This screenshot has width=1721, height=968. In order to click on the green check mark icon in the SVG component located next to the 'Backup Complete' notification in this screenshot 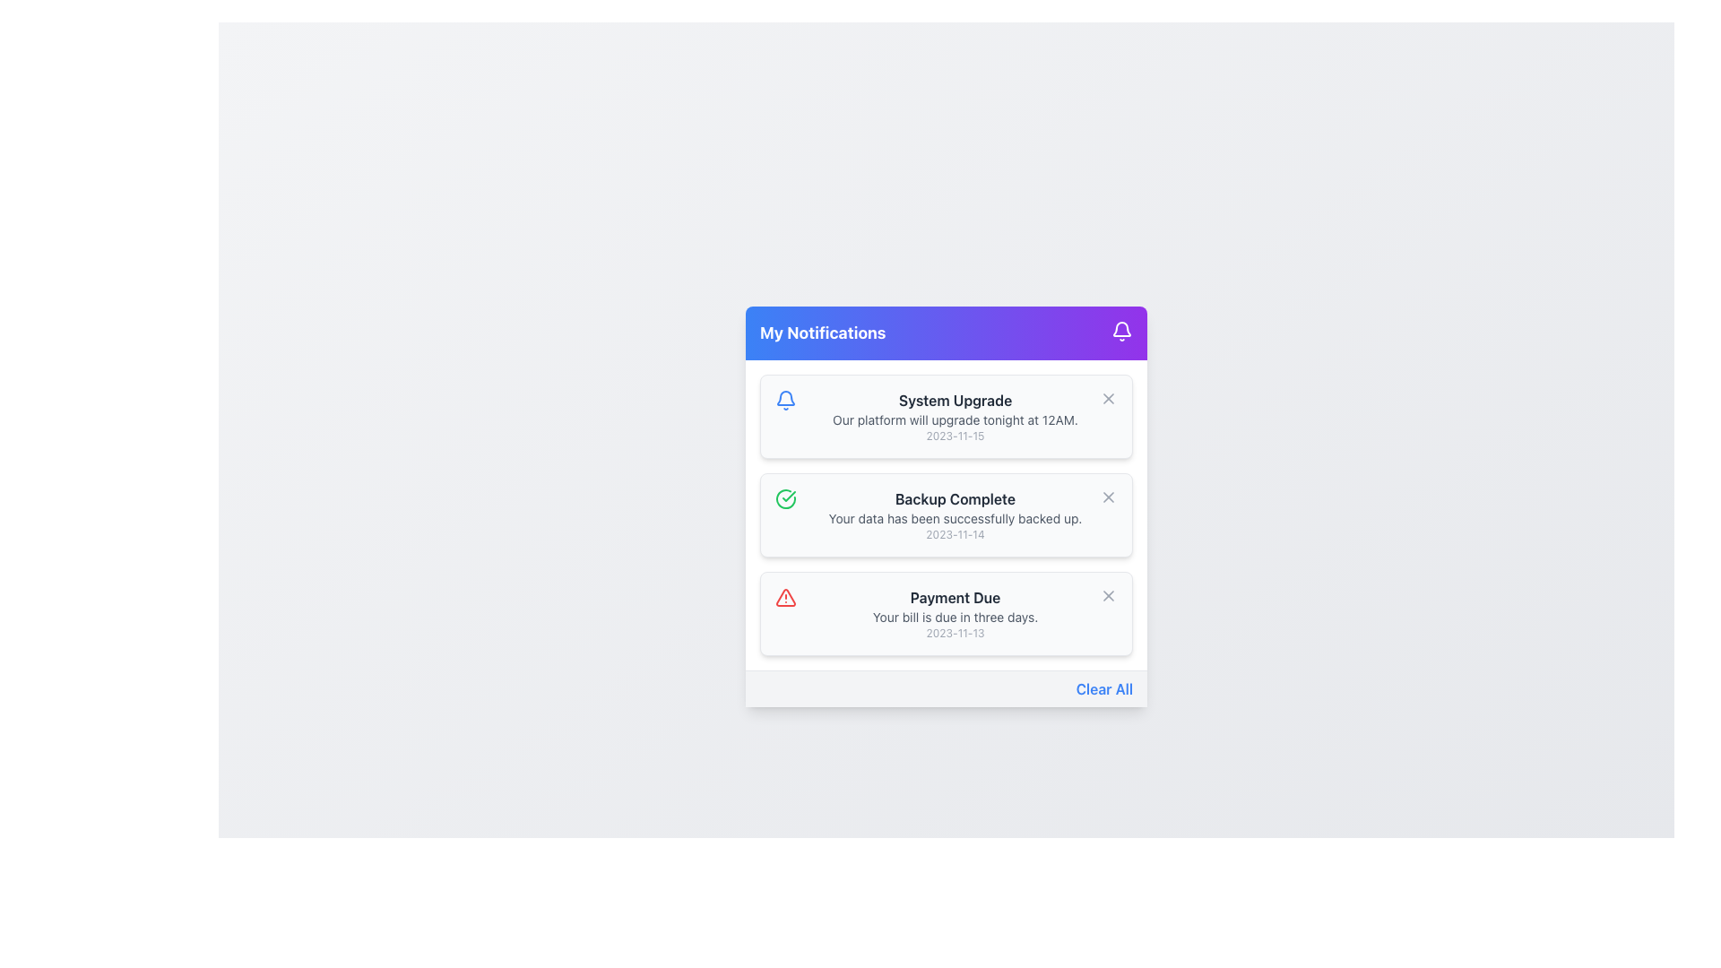, I will do `click(789, 496)`.